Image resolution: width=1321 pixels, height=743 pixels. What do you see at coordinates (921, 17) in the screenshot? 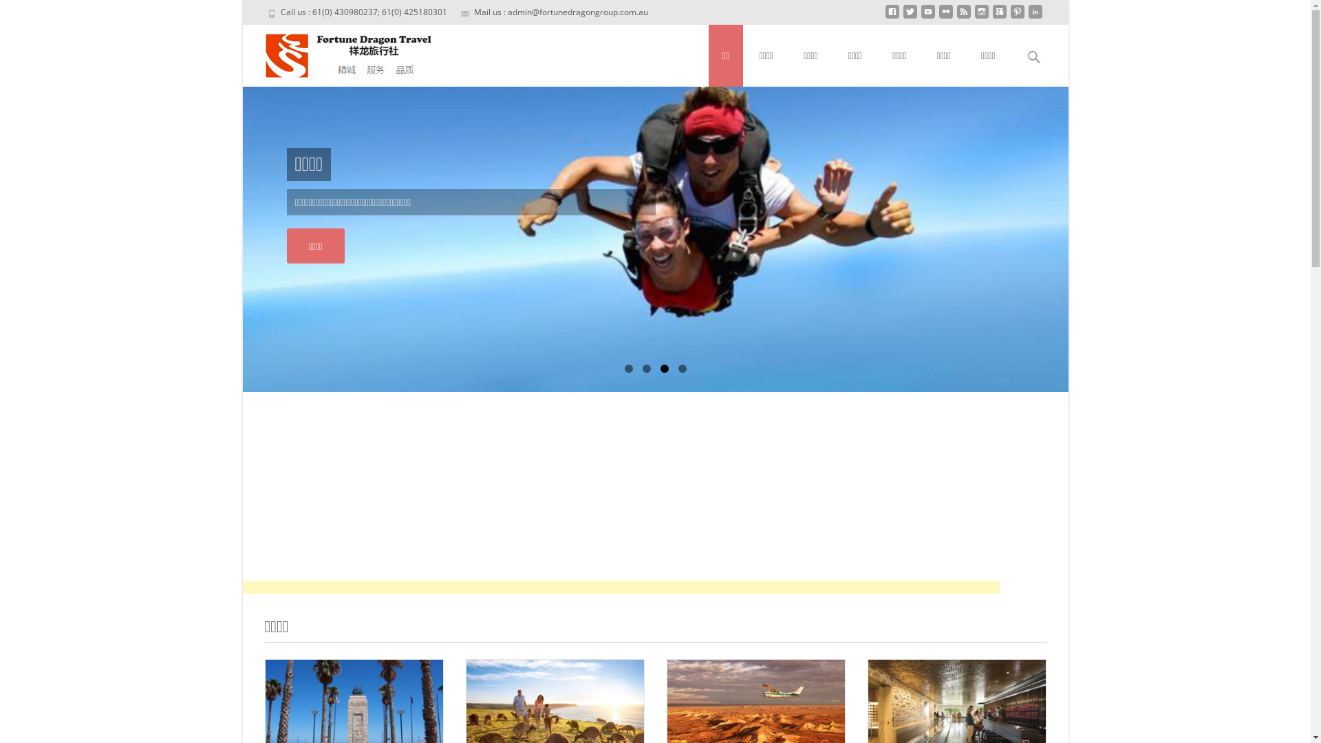
I see `'youtube'` at bounding box center [921, 17].